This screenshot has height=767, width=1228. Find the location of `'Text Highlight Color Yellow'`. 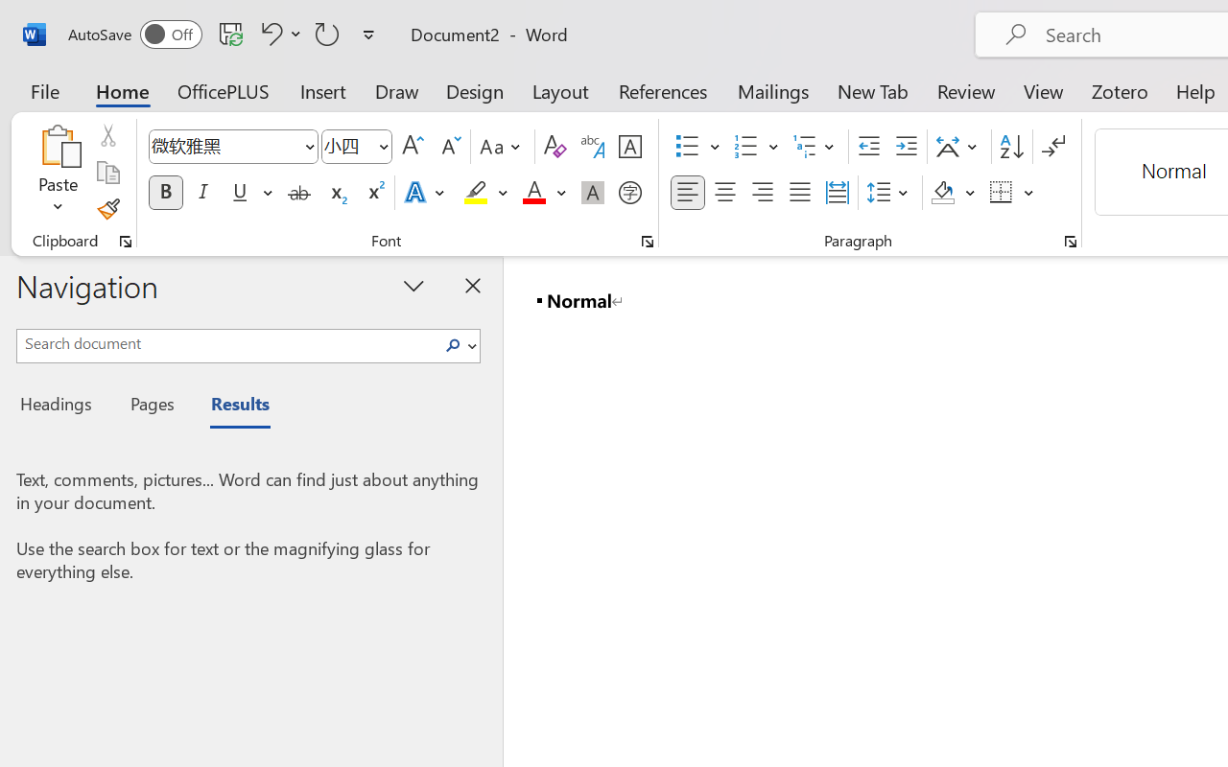

'Text Highlight Color Yellow' is located at coordinates (476, 193).